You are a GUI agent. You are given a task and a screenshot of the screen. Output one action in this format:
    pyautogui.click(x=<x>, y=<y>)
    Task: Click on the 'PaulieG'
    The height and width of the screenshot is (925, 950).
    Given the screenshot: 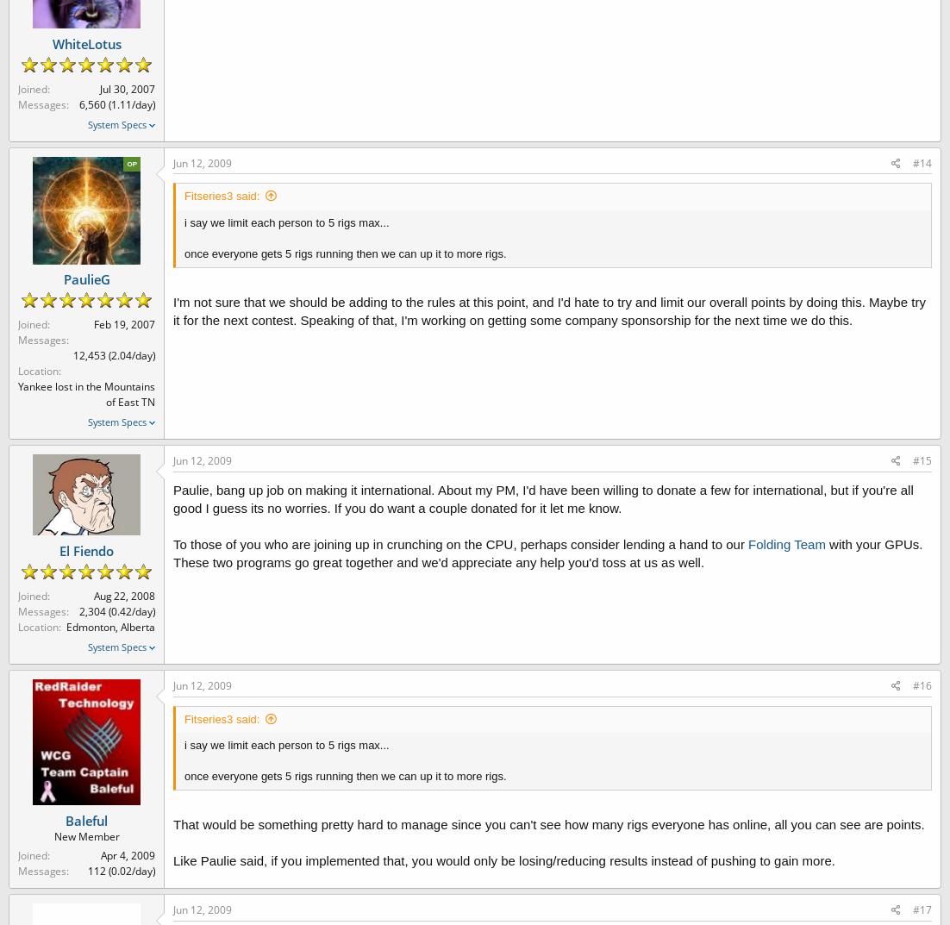 What is the action you would take?
    pyautogui.click(x=85, y=279)
    